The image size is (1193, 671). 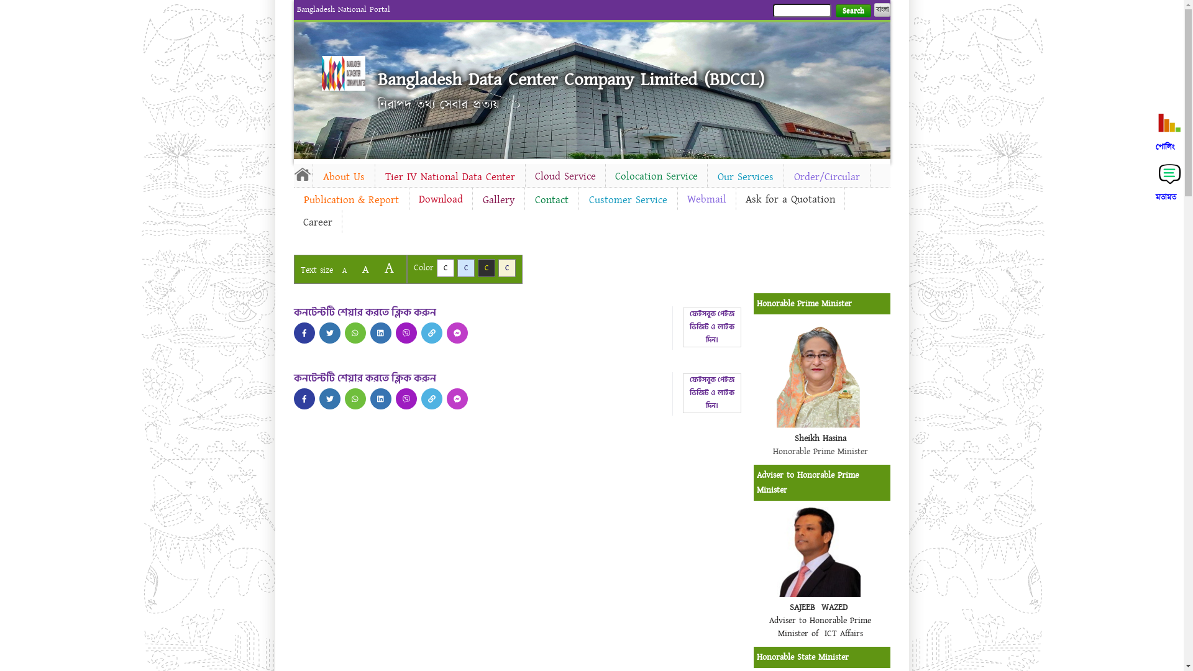 I want to click on 'C', so click(x=436, y=267).